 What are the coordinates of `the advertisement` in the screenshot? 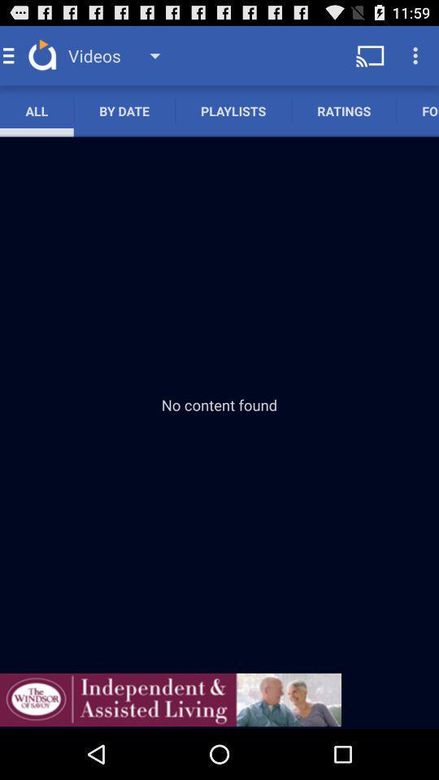 It's located at (170, 699).